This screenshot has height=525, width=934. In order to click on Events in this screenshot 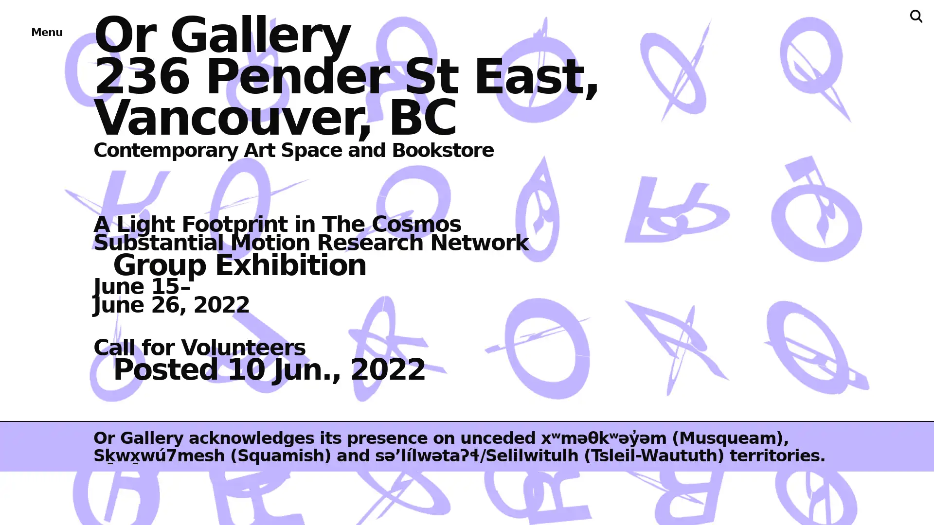, I will do `click(211, 155)`.